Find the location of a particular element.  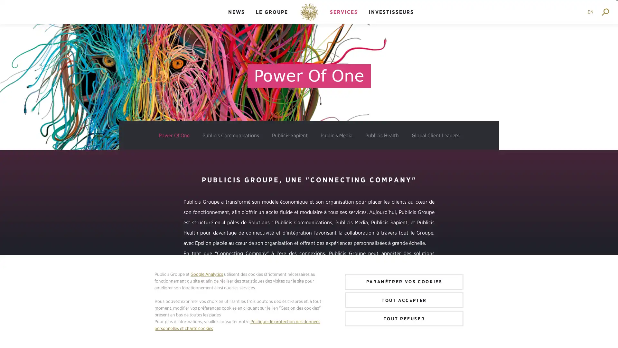

TOUT ACCEPTER TOUT ACCEPTER is located at coordinates (404, 300).